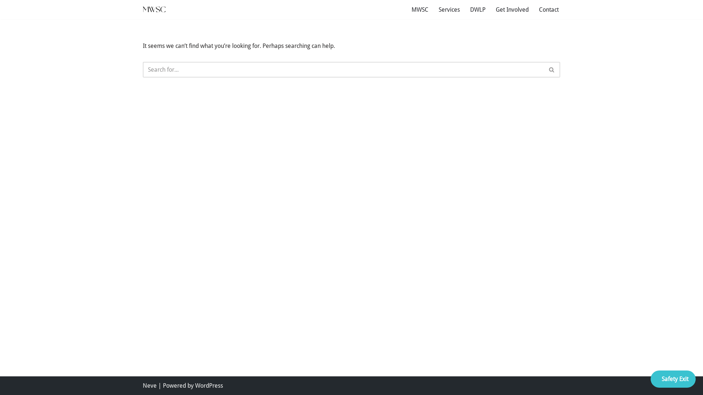  Describe the element at coordinates (154, 10) in the screenshot. I see `'MWSC'` at that location.